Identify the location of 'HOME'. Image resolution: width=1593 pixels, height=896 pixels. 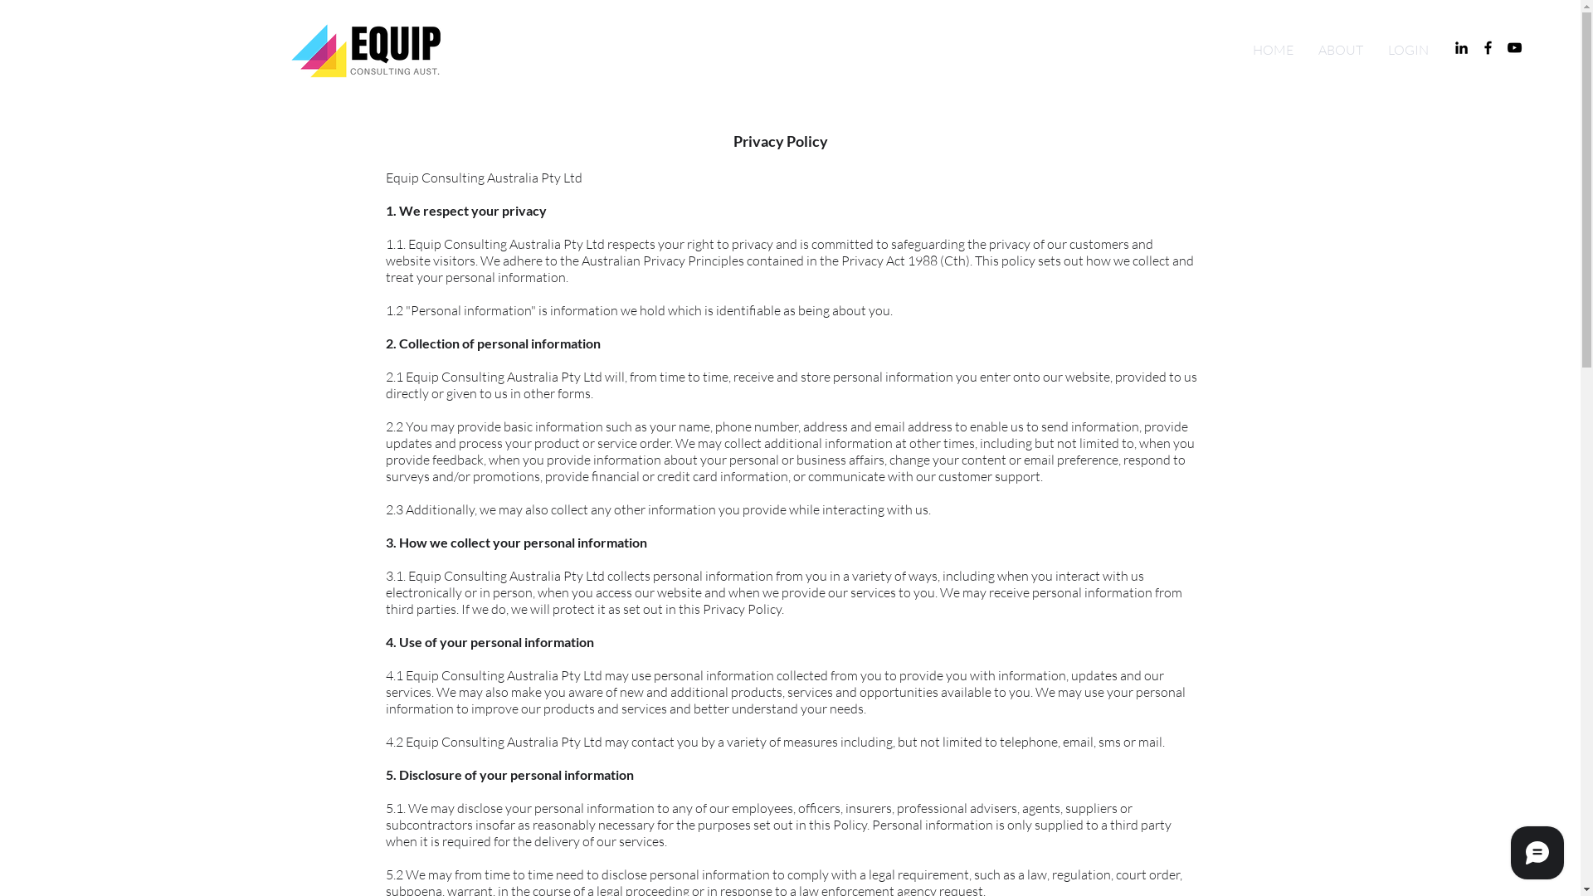
(1272, 49).